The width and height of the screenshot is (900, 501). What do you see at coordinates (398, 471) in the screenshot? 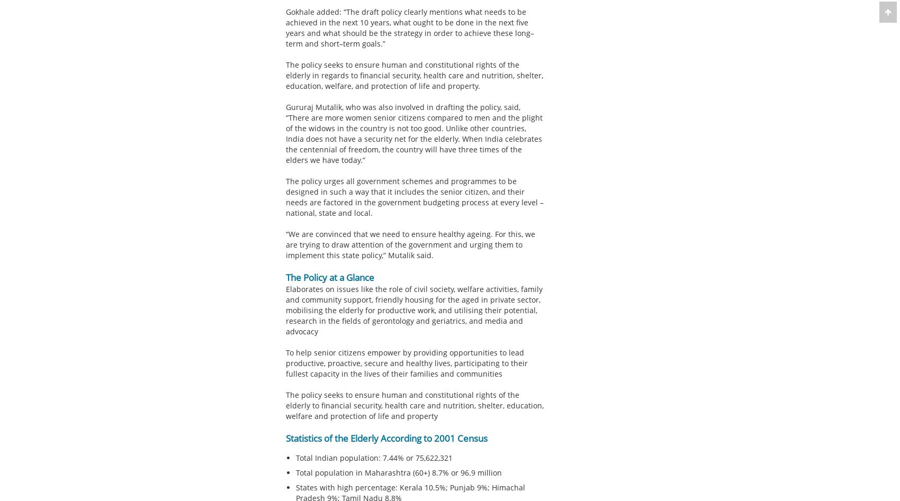
I see `'Total population in Maharashtra (60+) 8.7% or 96.9 million'` at bounding box center [398, 471].